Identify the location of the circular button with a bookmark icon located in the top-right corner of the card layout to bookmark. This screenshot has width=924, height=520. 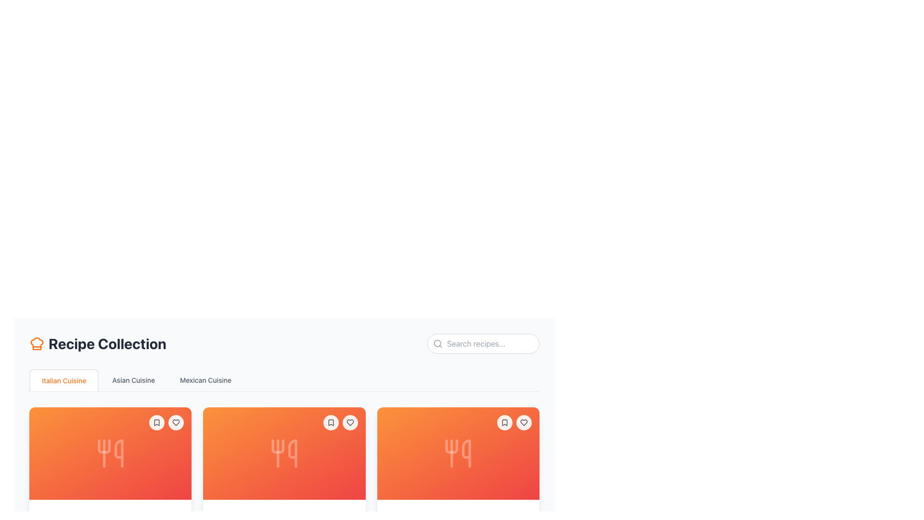
(331, 422).